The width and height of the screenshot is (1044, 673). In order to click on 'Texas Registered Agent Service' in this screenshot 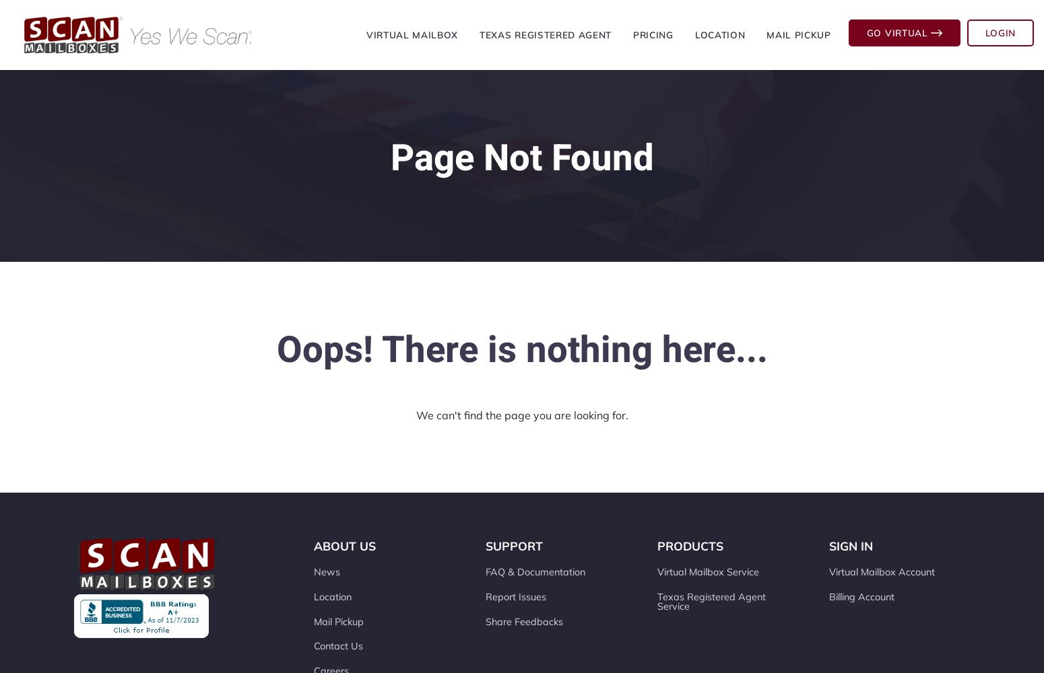, I will do `click(657, 601)`.